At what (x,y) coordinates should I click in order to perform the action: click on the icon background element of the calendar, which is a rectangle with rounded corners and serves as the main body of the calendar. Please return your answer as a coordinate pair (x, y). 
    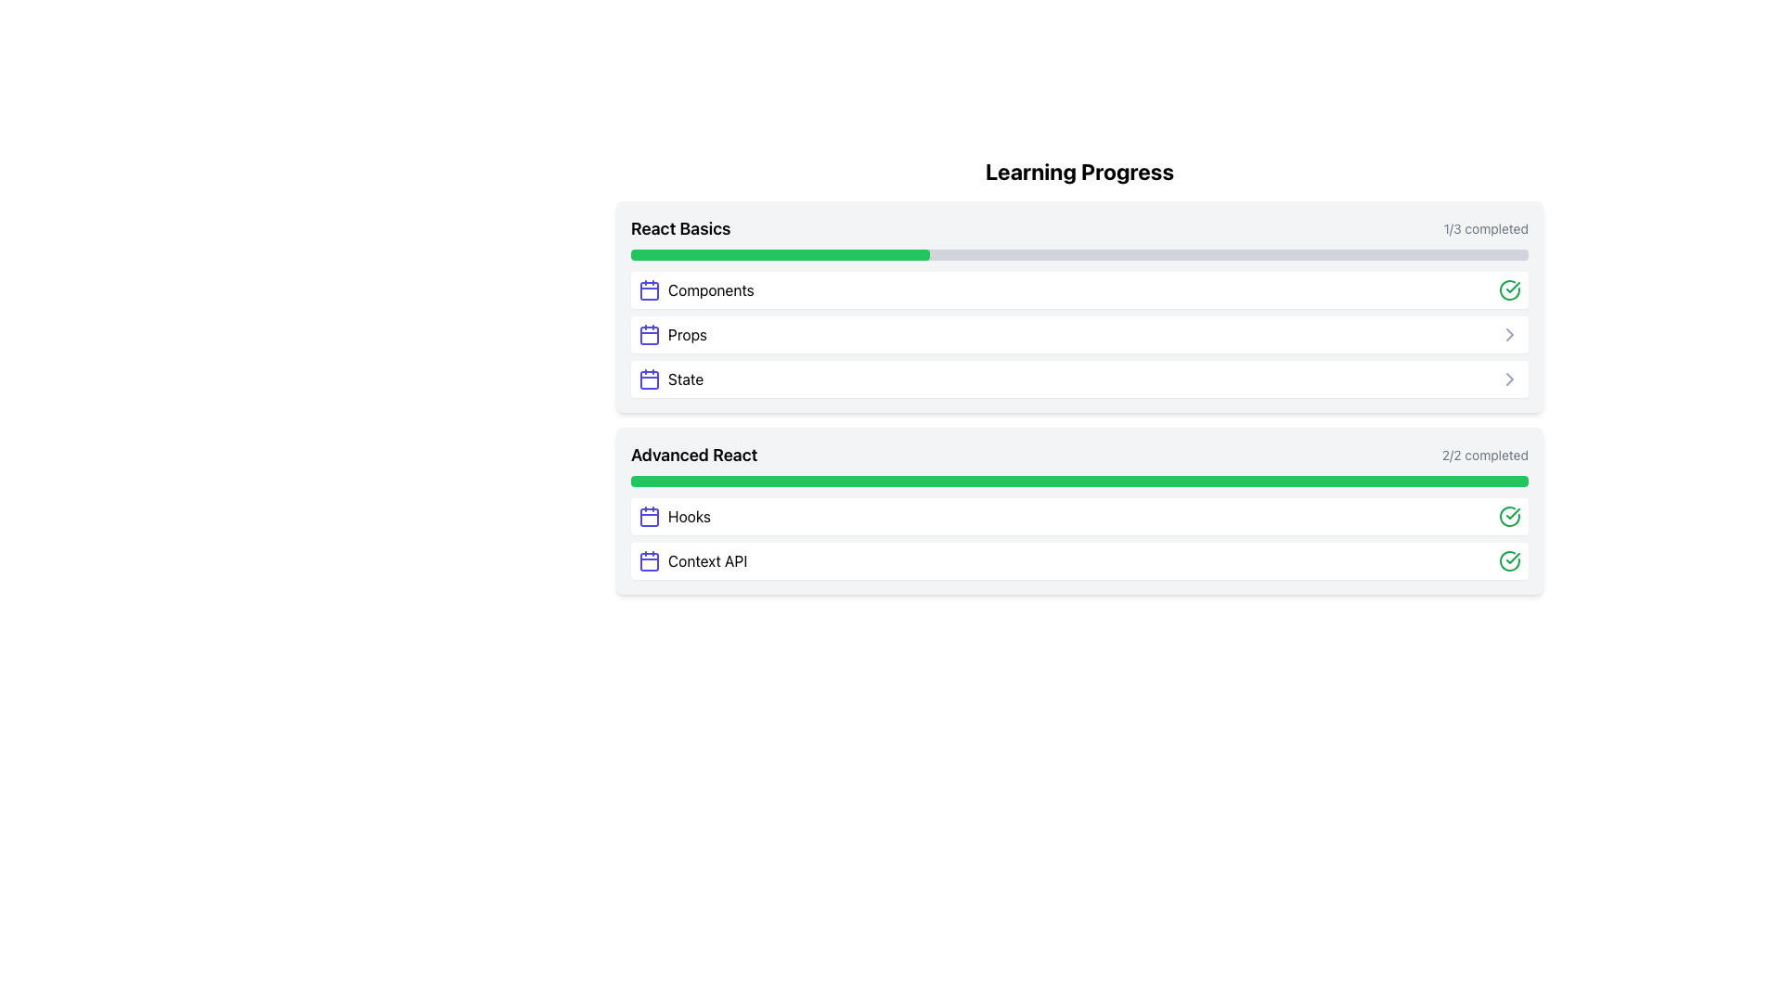
    Looking at the image, I should click on (650, 560).